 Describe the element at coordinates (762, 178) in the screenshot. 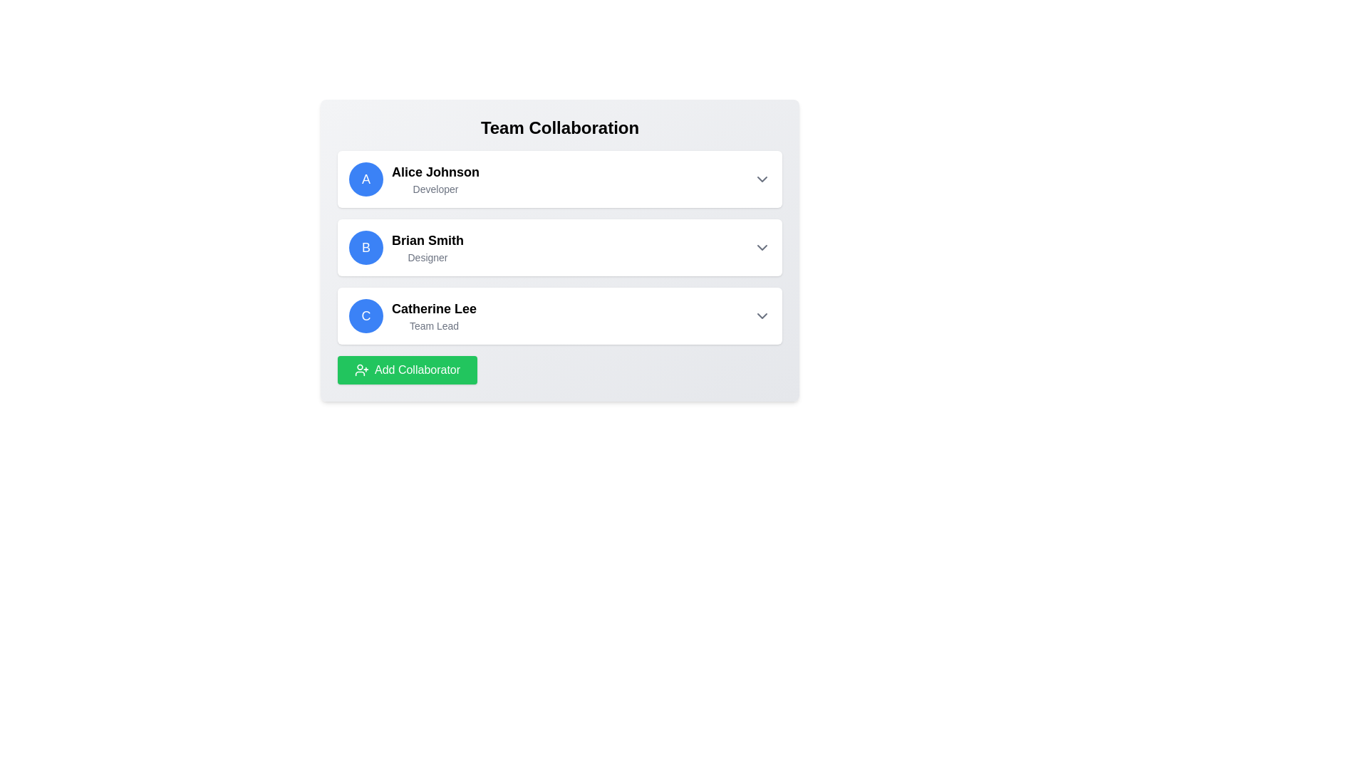

I see `the downward-facing chevron icon` at that location.